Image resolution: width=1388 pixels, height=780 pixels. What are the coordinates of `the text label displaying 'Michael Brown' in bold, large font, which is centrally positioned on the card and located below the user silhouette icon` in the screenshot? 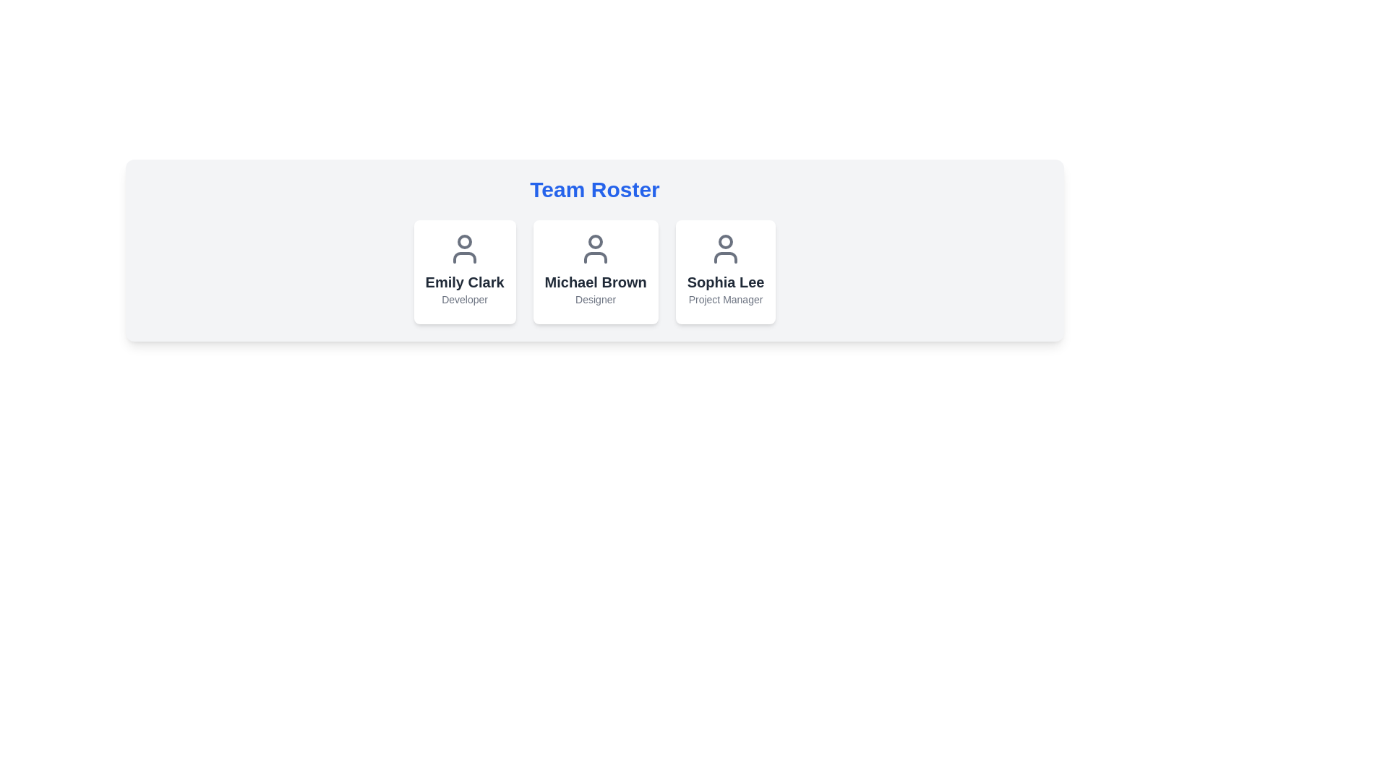 It's located at (596, 282).